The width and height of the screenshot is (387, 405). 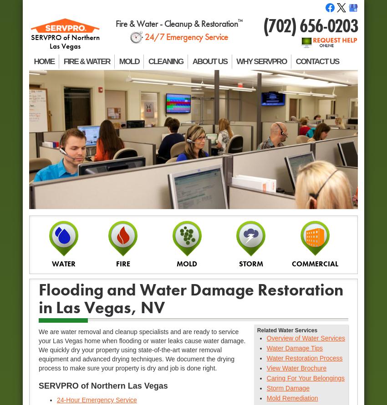 I want to click on 'FIRE', so click(x=122, y=263).